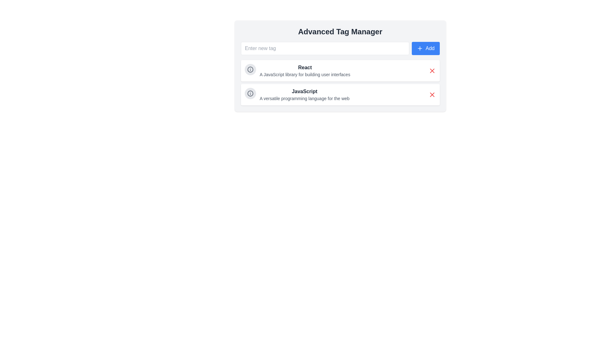 The height and width of the screenshot is (340, 604). What do you see at coordinates (250, 93) in the screenshot?
I see `the outer boundary circle of the icon located on the left side within the 'JavaScript' row in the tag manager interface for further interaction` at bounding box center [250, 93].